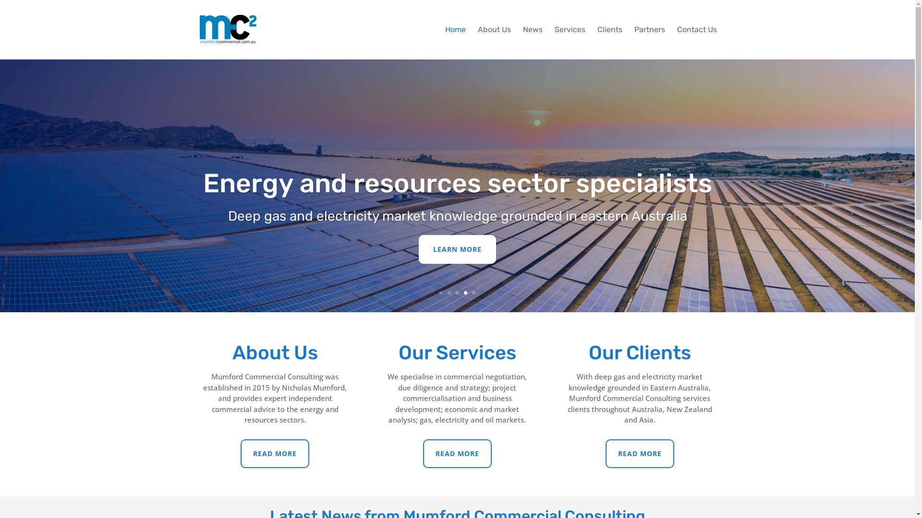 Image resolution: width=922 pixels, height=518 pixels. What do you see at coordinates (609, 42) in the screenshot?
I see `'Clients'` at bounding box center [609, 42].